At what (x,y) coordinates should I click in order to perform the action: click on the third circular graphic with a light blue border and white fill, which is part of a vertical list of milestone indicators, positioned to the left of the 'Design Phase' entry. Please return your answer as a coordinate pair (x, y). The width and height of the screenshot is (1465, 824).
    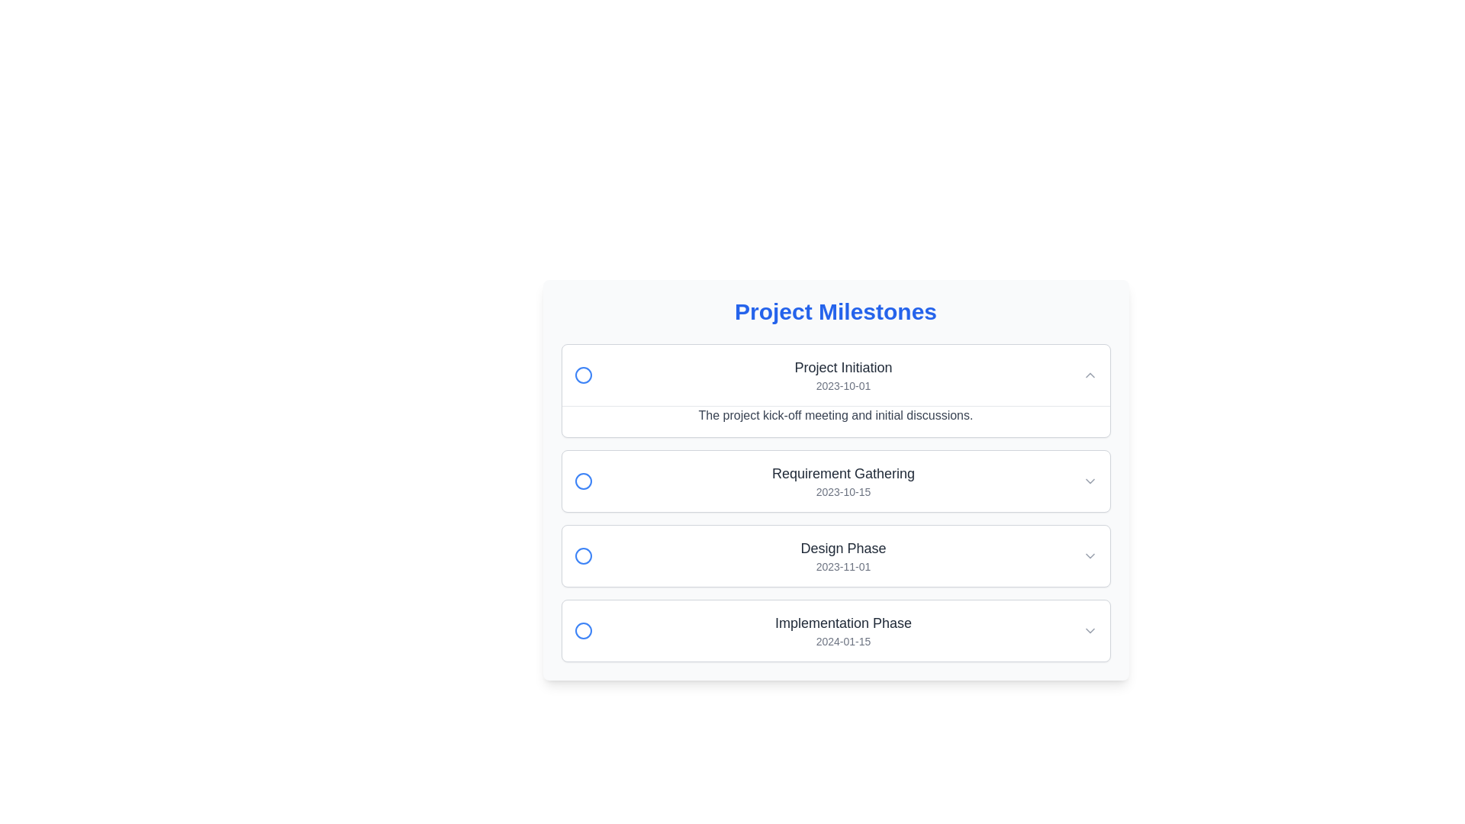
    Looking at the image, I should click on (582, 556).